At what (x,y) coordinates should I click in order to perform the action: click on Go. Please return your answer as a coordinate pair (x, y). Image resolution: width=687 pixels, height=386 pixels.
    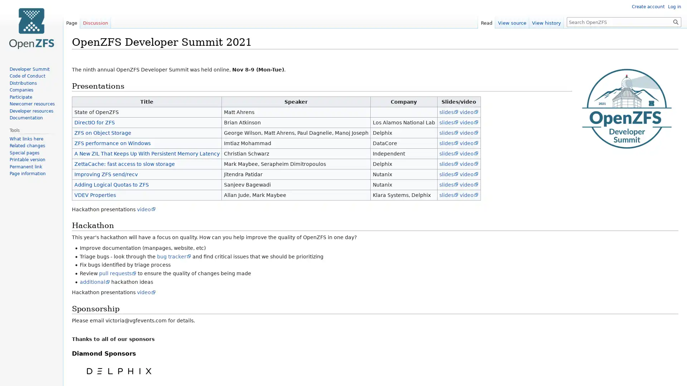
    Looking at the image, I should click on (676, 21).